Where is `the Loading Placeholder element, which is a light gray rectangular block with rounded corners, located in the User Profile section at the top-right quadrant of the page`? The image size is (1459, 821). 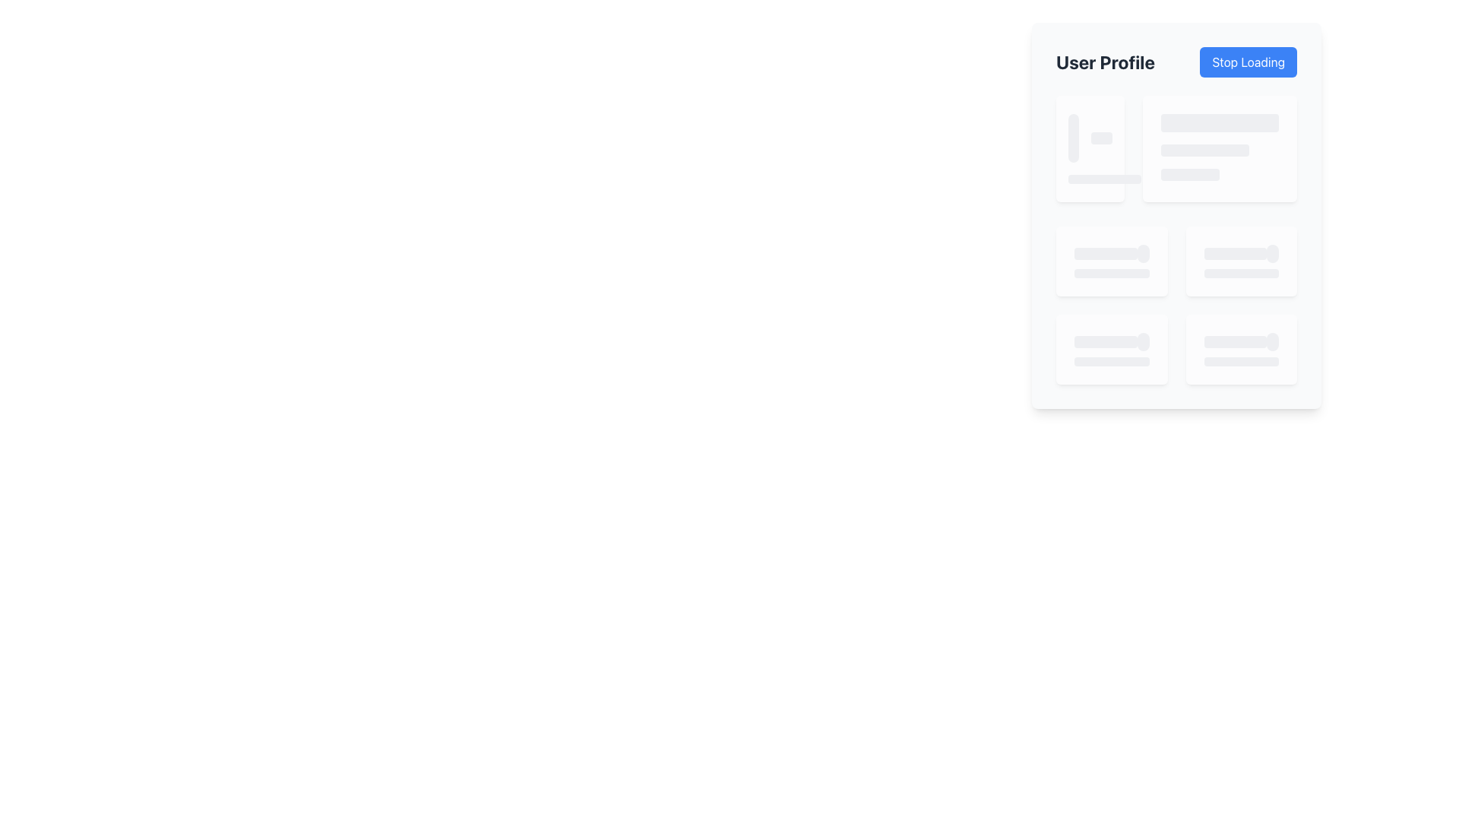 the Loading Placeholder element, which is a light gray rectangular block with rounded corners, located in the User Profile section at the top-right quadrant of the page is located at coordinates (1220, 122).